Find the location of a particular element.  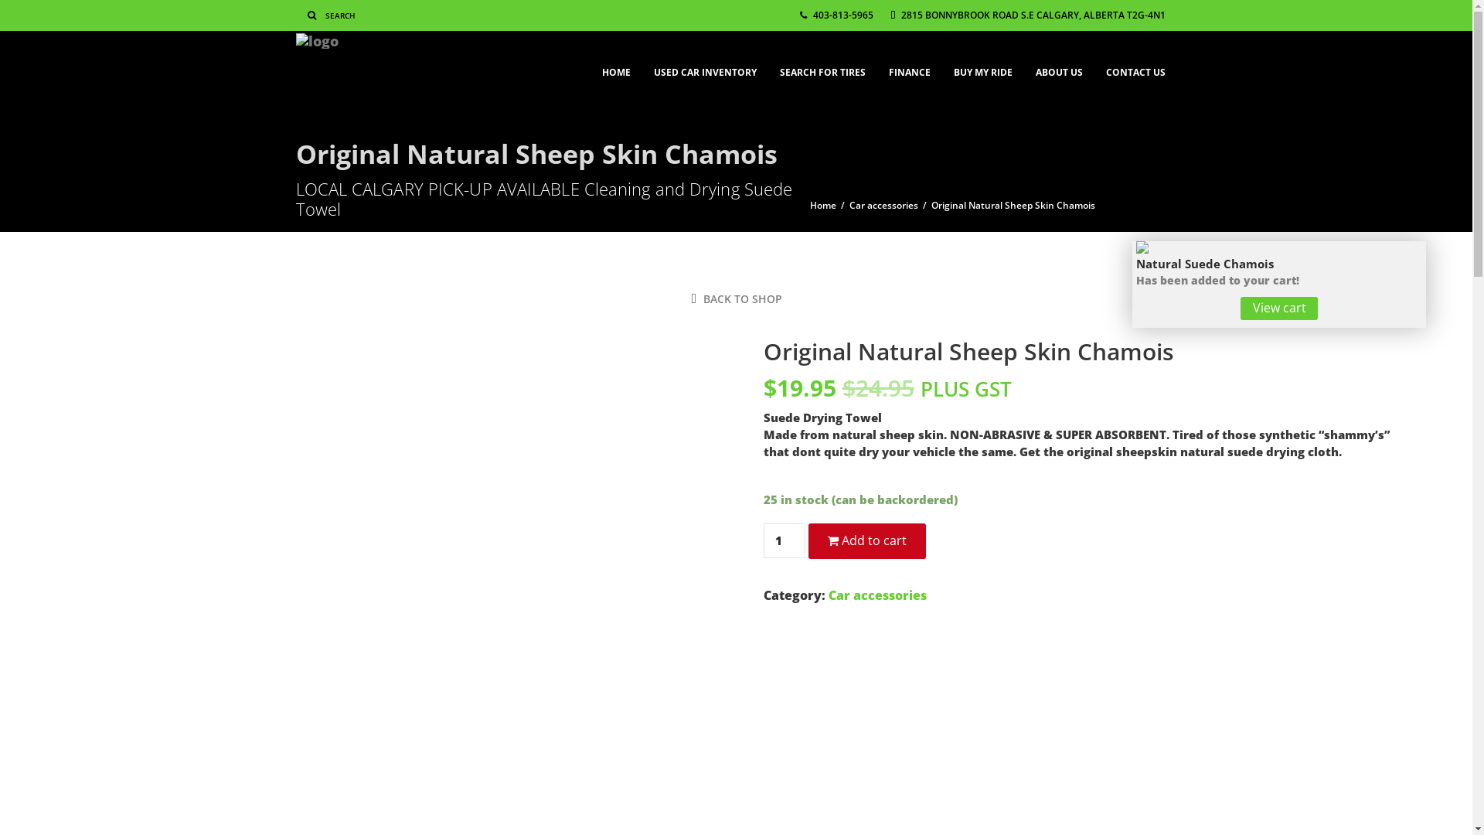

'Home' is located at coordinates (822, 205).